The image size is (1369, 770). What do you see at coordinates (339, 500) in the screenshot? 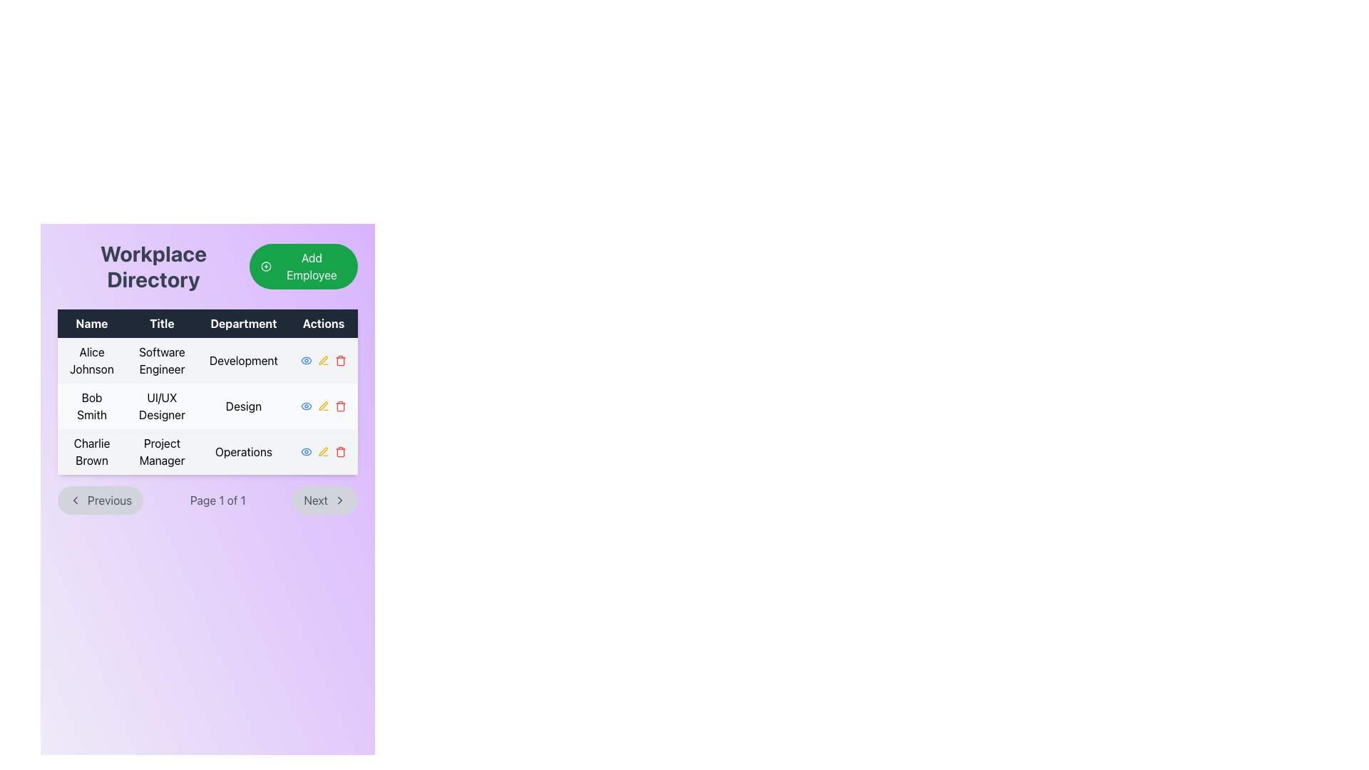
I see `the small triangular-shaped 'Next' icon located in the navigation control panel at the bottom right of the interface` at bounding box center [339, 500].